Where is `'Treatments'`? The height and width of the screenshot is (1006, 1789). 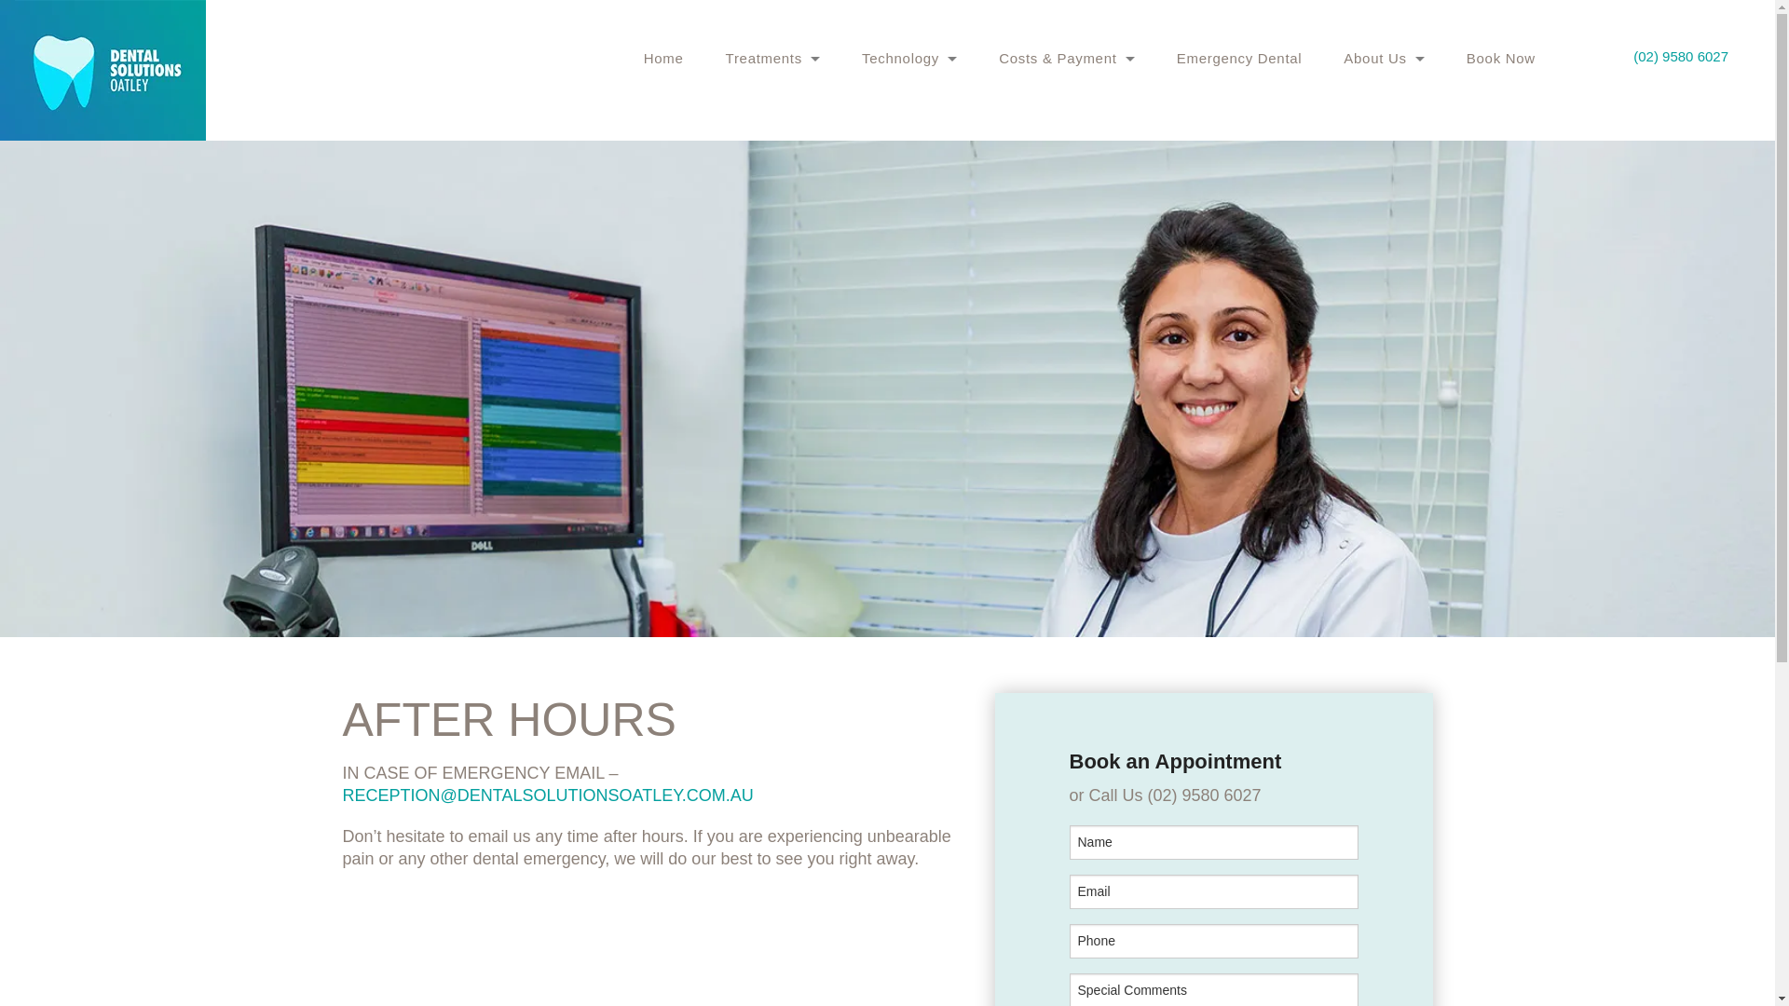
'Treatments' is located at coordinates (773, 57).